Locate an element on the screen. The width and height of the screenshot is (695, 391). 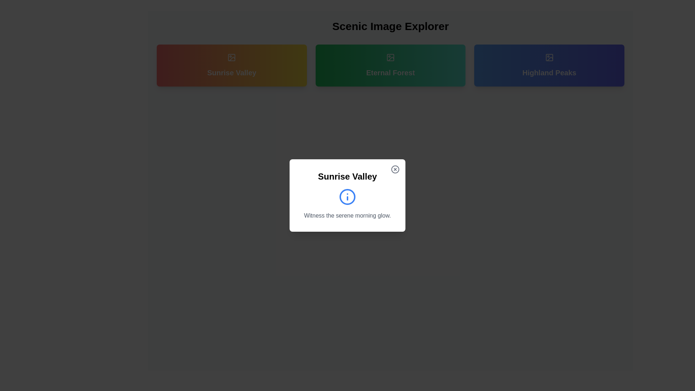
the blue circular info icon located in the center of the info symbol within the pop-up modal dialog is located at coordinates (347, 197).